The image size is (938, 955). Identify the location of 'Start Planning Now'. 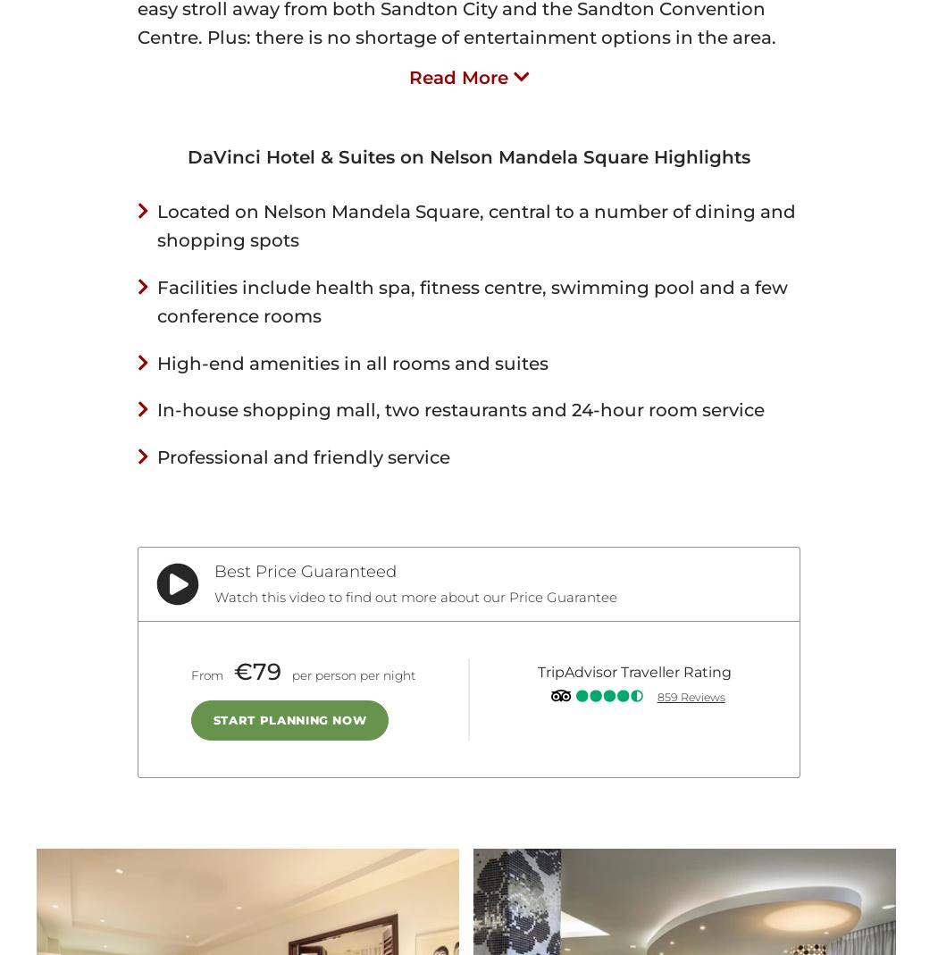
(289, 720).